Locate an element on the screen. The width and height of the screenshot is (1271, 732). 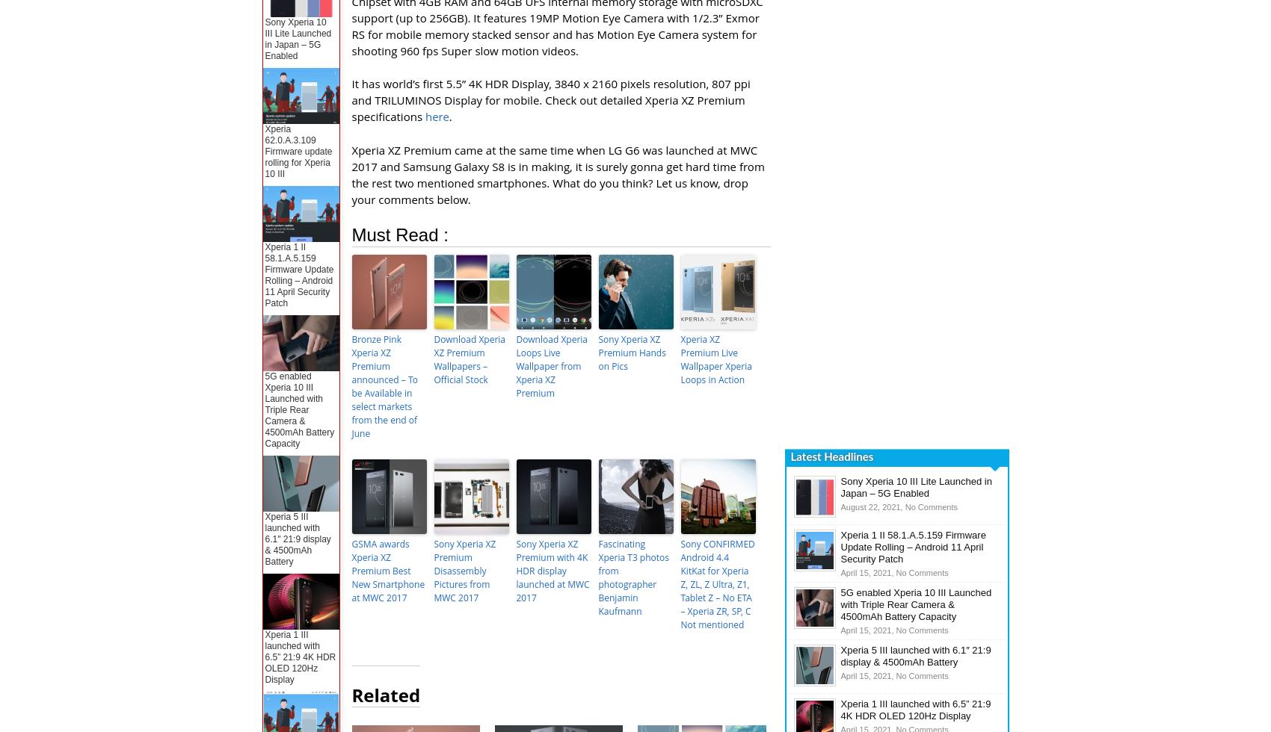
'Sony Xperia XZ Premium with 4K HDR display launched at MWC 2017' is located at coordinates (552, 571).